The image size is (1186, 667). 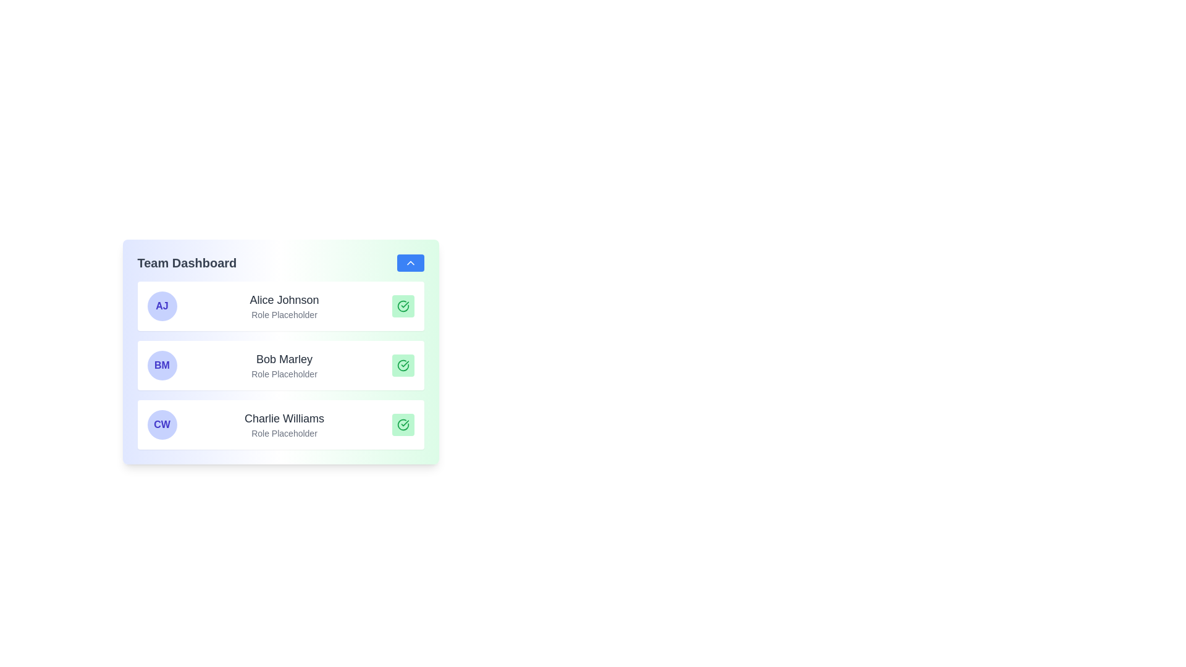 What do you see at coordinates (284, 364) in the screenshot?
I see `the text display element containing 'Bob Marley' and 'Role Placeholder' in the Team Dashboard, which is the second item in the list of team members` at bounding box center [284, 364].